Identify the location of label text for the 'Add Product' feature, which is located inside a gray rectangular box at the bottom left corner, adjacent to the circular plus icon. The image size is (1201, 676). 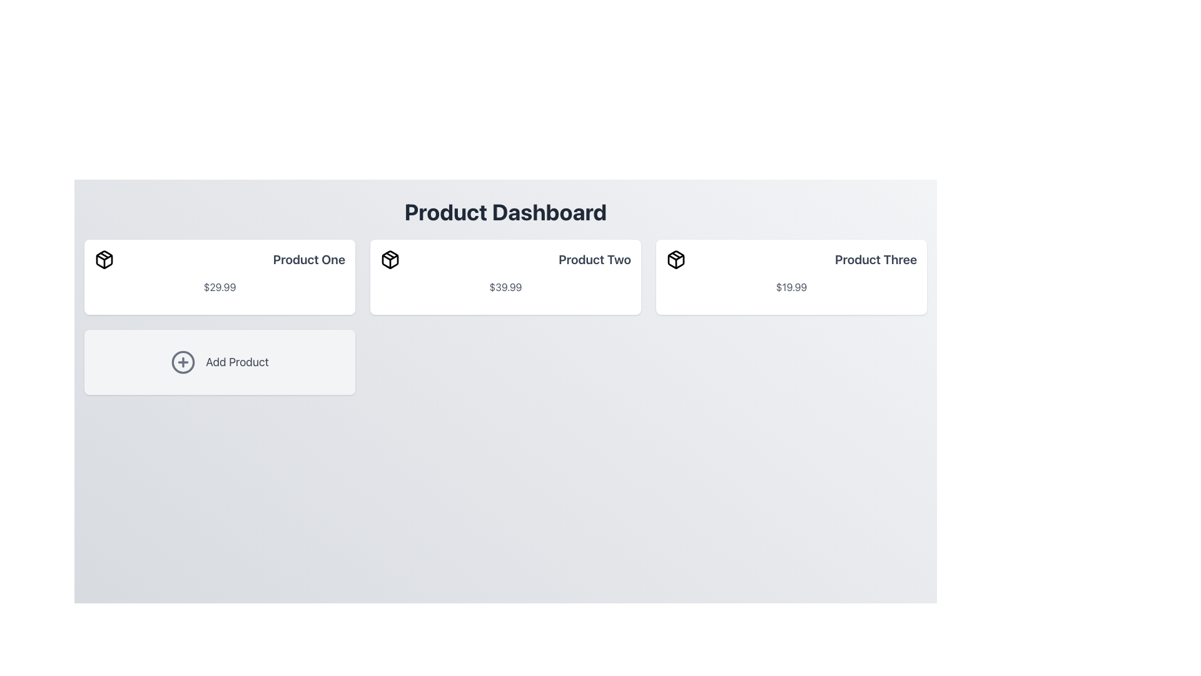
(237, 362).